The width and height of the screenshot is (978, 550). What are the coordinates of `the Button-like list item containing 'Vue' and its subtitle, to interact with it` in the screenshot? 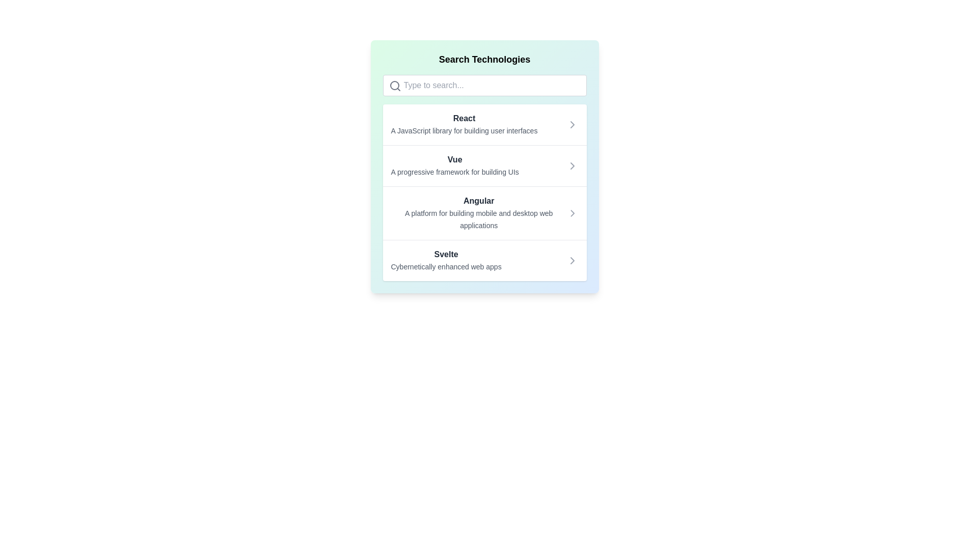 It's located at (484, 165).